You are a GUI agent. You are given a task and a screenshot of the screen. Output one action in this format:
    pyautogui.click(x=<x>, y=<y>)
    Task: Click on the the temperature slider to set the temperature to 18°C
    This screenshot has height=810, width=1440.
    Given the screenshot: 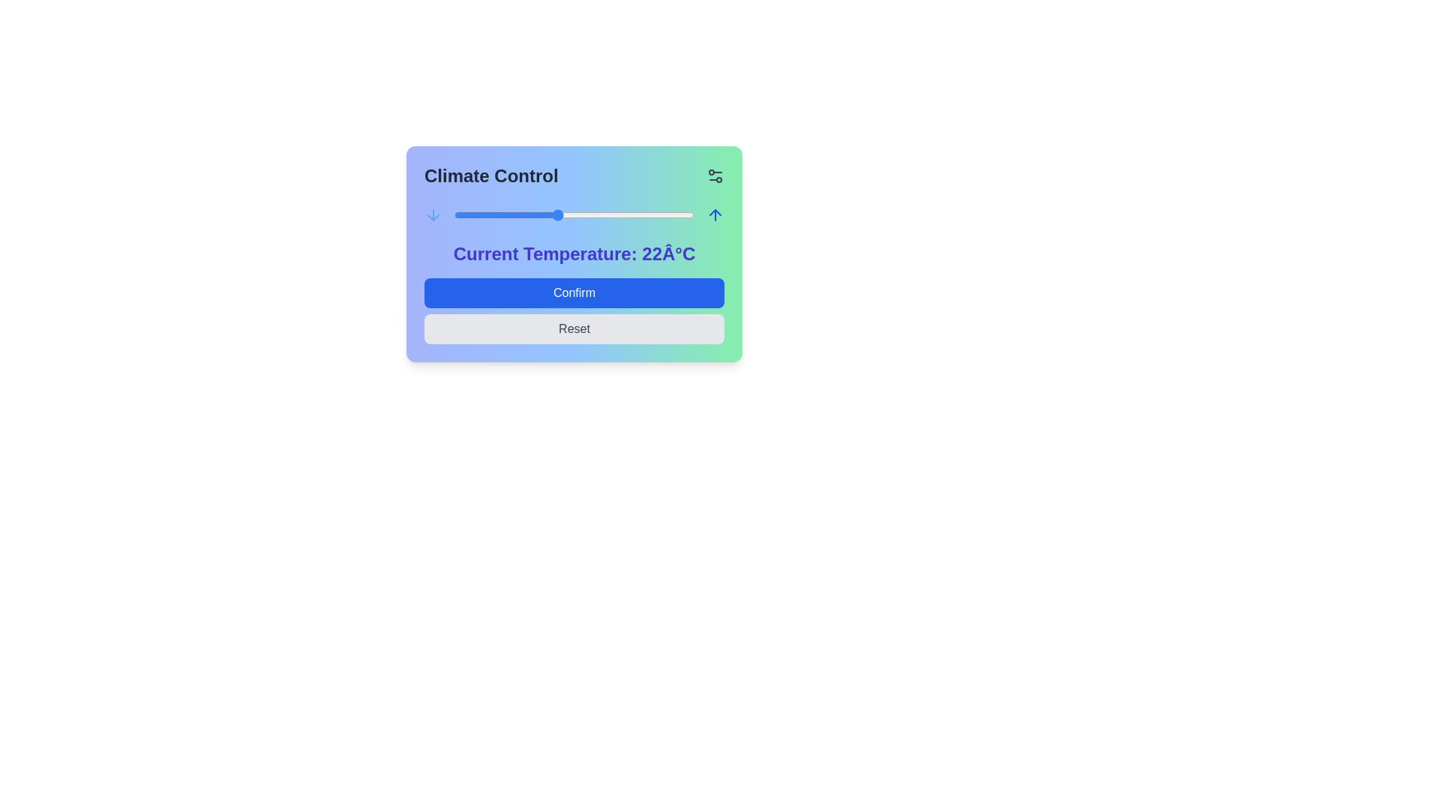 What is the action you would take?
    pyautogui.click(x=488, y=214)
    